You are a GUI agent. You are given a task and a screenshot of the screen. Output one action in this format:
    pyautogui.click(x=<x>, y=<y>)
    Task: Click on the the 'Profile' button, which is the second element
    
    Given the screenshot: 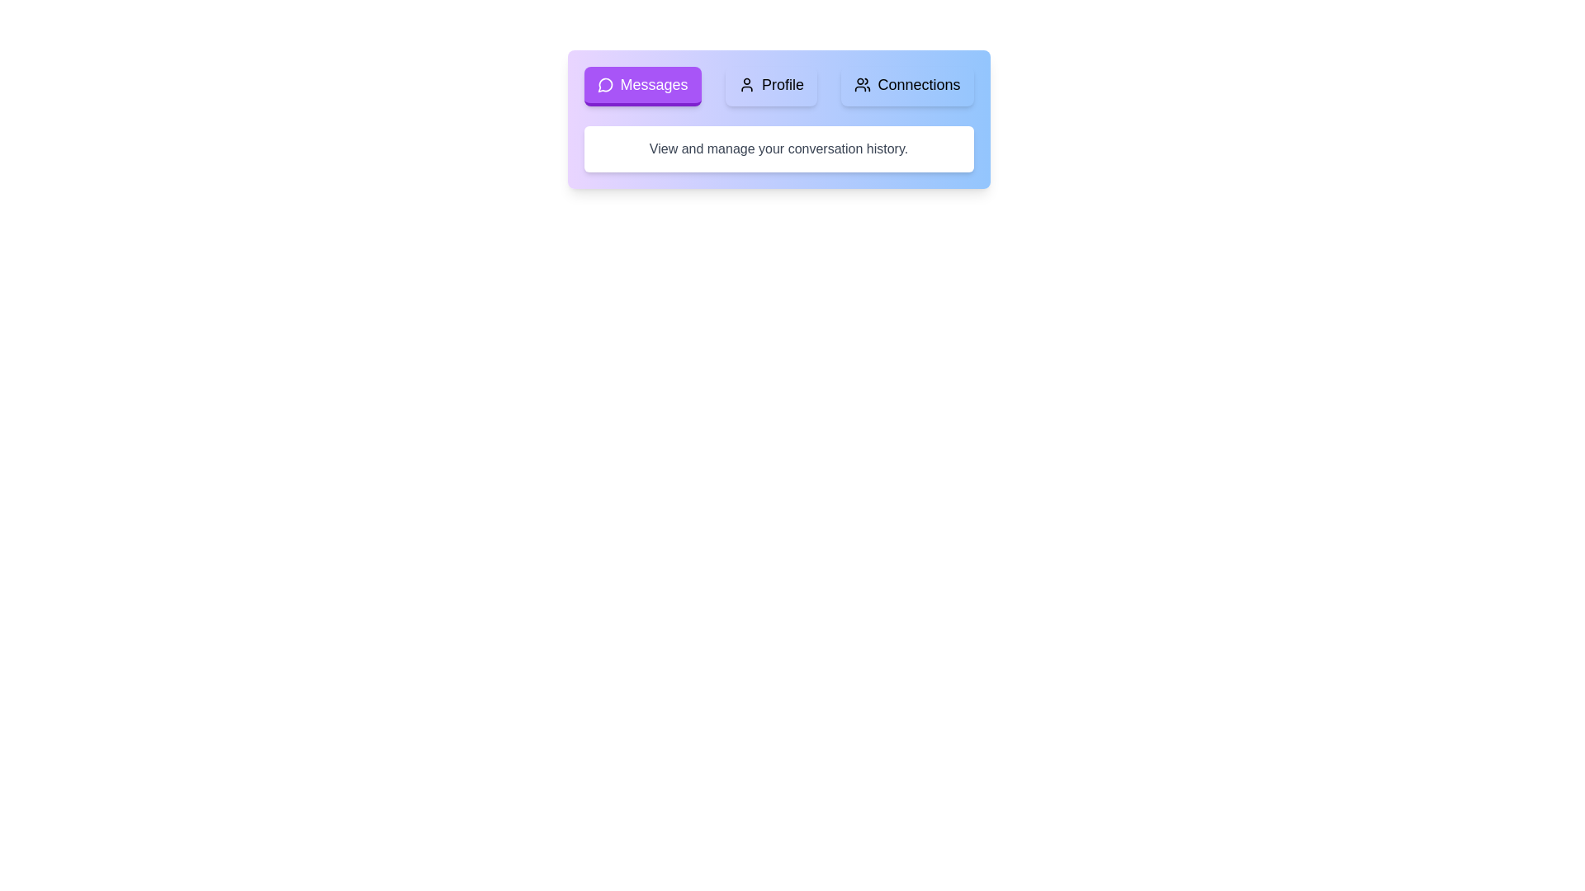 What is the action you would take?
    pyautogui.click(x=770, y=86)
    